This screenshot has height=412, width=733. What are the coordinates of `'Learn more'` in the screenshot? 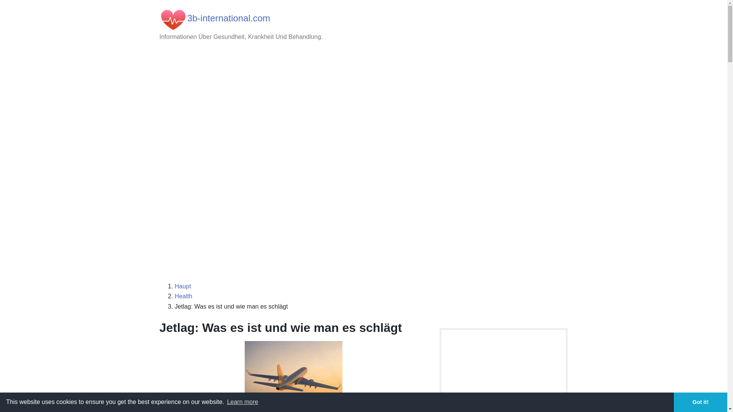 It's located at (242, 401).